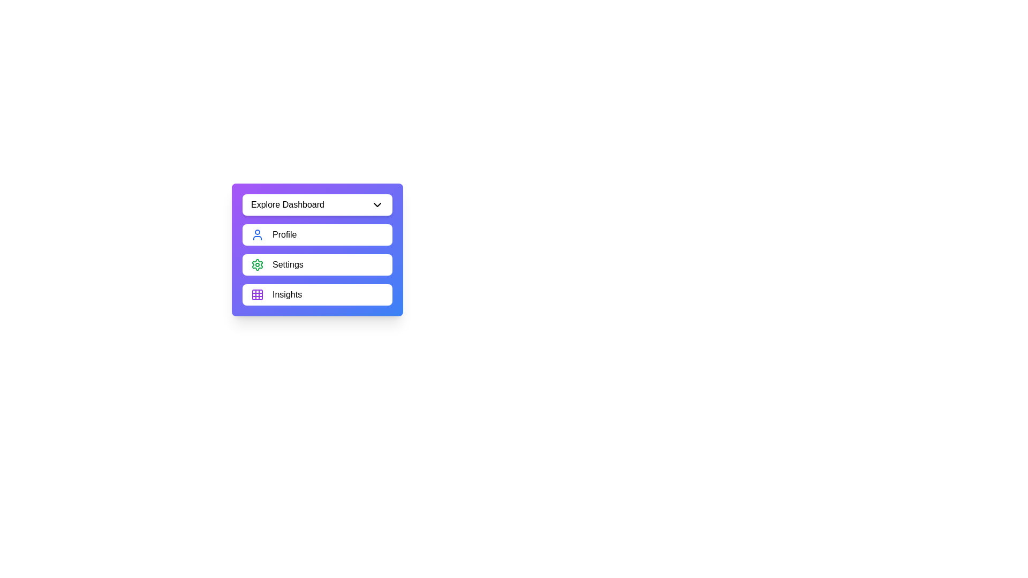 This screenshot has height=578, width=1028. What do you see at coordinates (317, 234) in the screenshot?
I see `the menu item Profile from the menu` at bounding box center [317, 234].